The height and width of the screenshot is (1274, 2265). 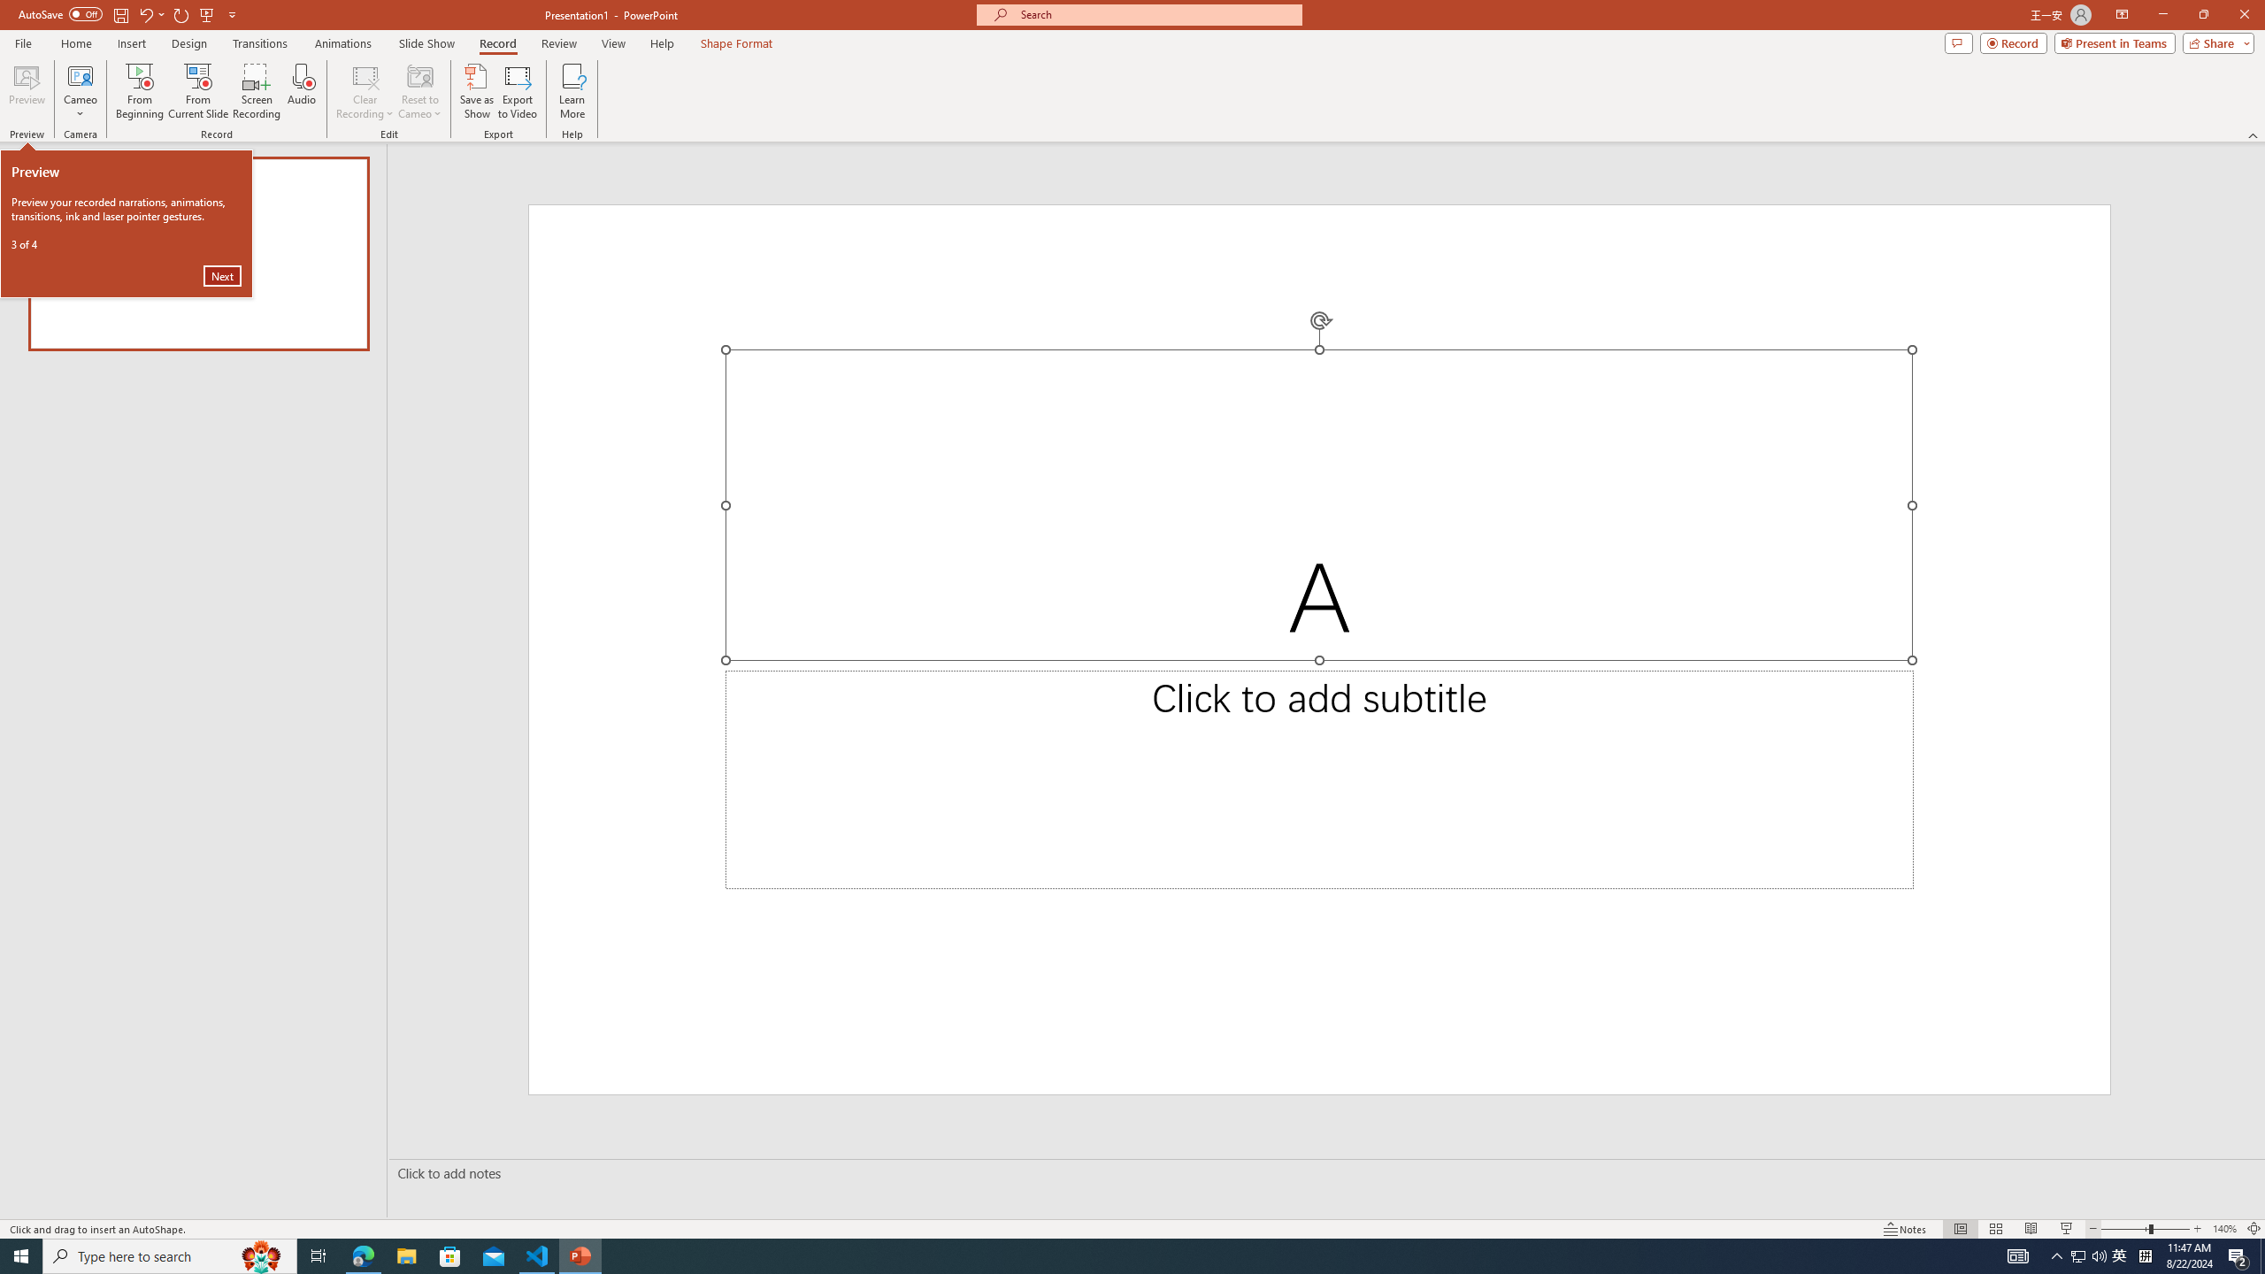 I want to click on 'Learn More', so click(x=572, y=91).